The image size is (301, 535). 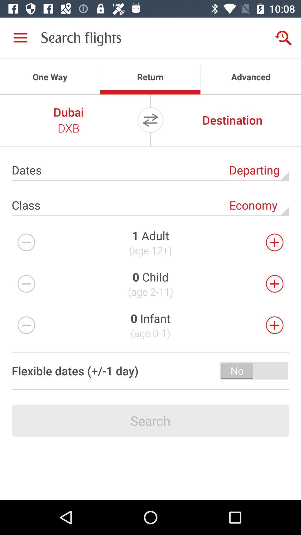 What do you see at coordinates (274, 325) in the screenshot?
I see `the add icon` at bounding box center [274, 325].